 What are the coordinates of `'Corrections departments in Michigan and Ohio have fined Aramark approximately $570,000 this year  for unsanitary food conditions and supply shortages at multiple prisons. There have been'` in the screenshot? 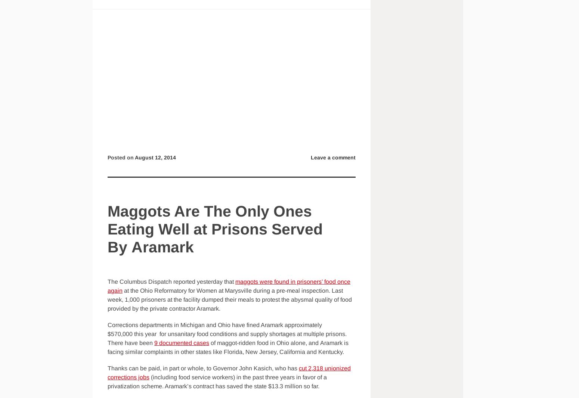 It's located at (227, 334).